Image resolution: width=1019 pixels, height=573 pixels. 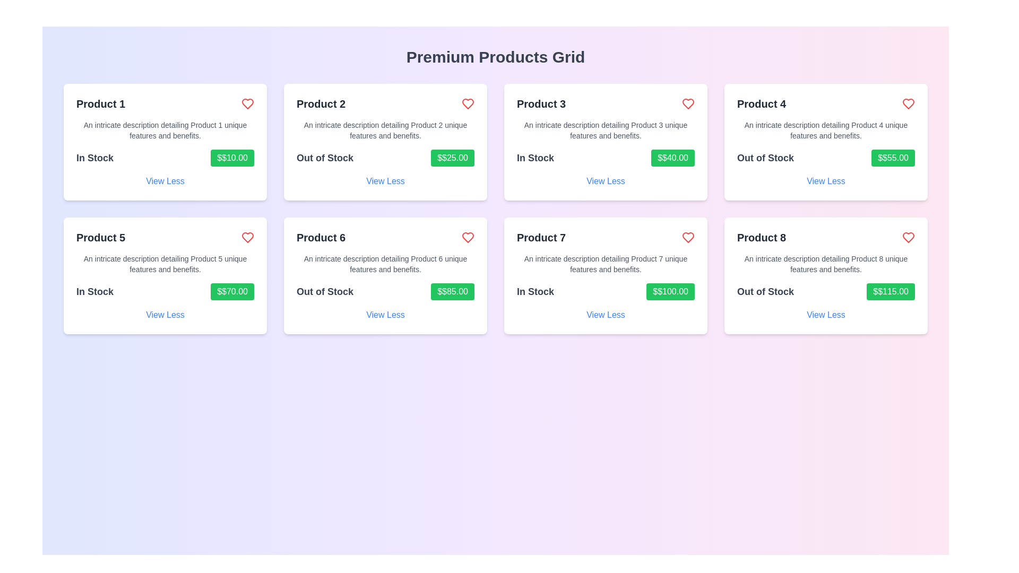 What do you see at coordinates (247, 104) in the screenshot?
I see `the heart icon in the top-right corner of the 'Product 1' card to favorite or unfavorite the product` at bounding box center [247, 104].